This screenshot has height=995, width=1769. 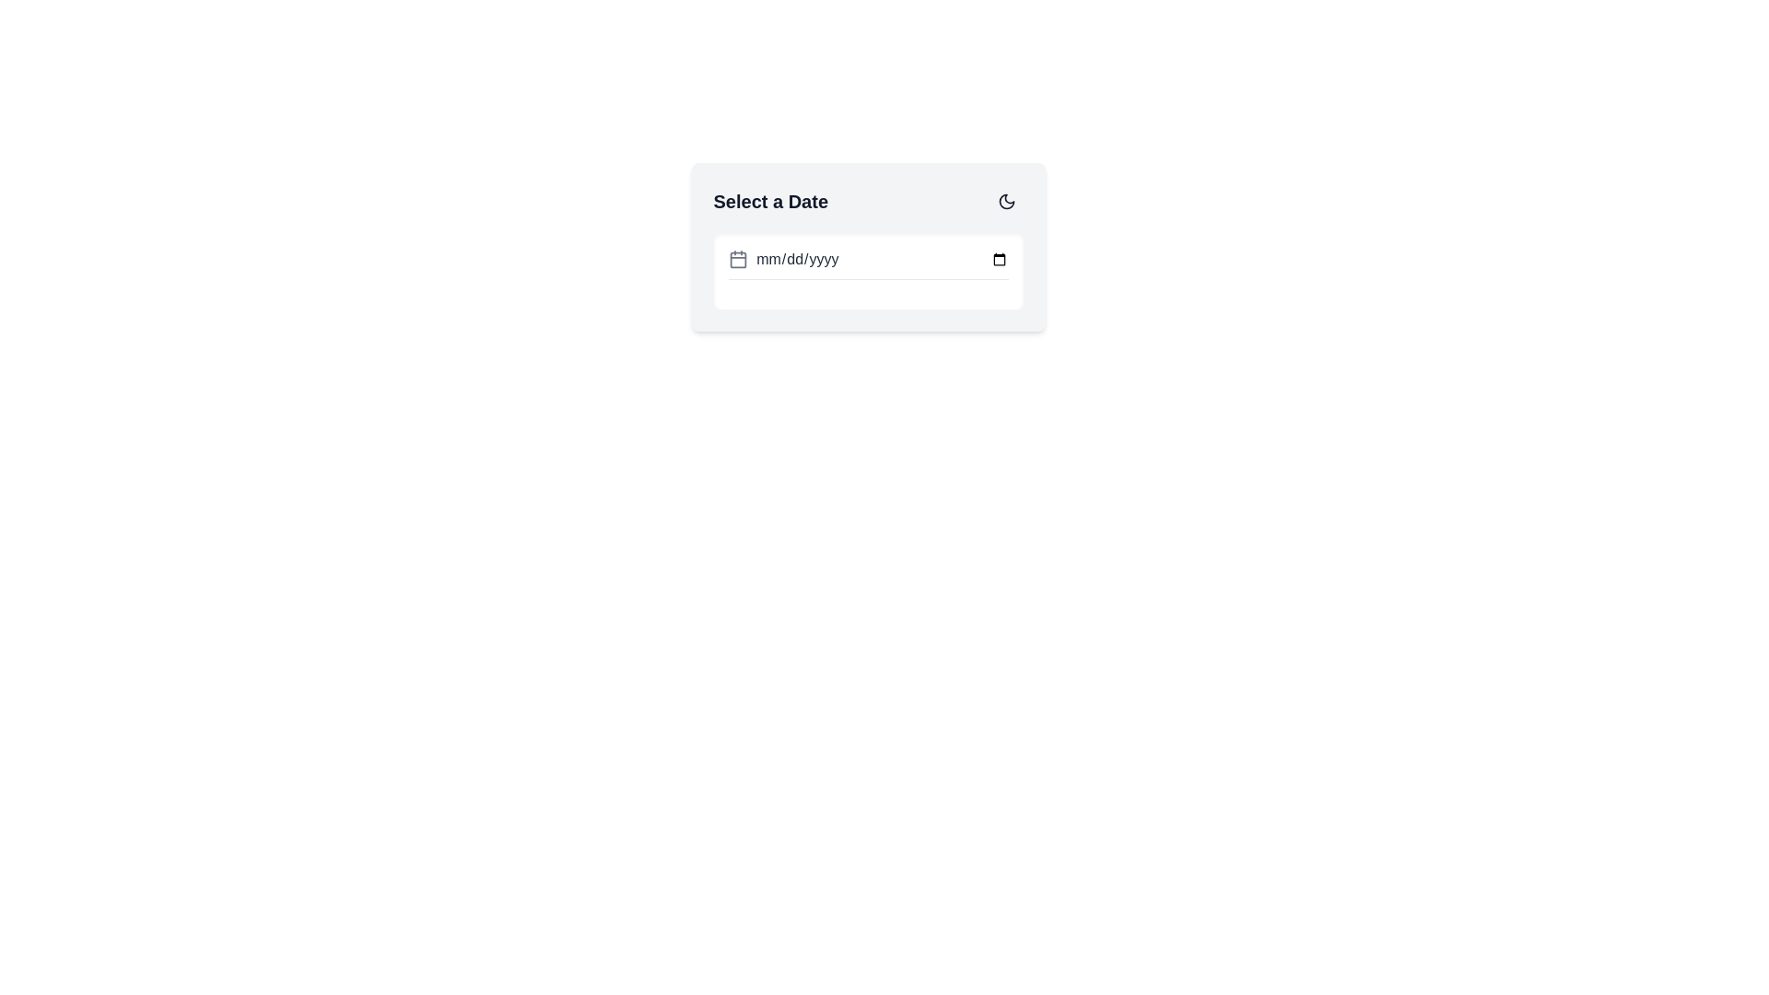 What do you see at coordinates (1005, 202) in the screenshot?
I see `the moon icon in the top-right corner of the 'Select a Date' panel` at bounding box center [1005, 202].